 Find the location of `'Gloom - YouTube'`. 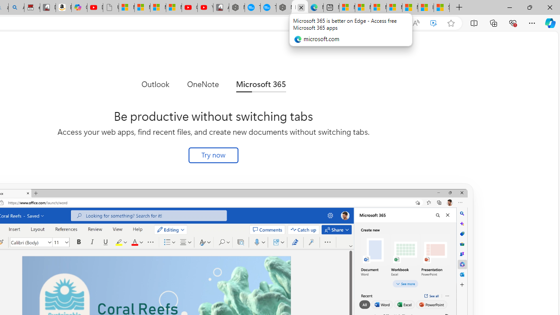

'Gloom - YouTube' is located at coordinates (189, 7).